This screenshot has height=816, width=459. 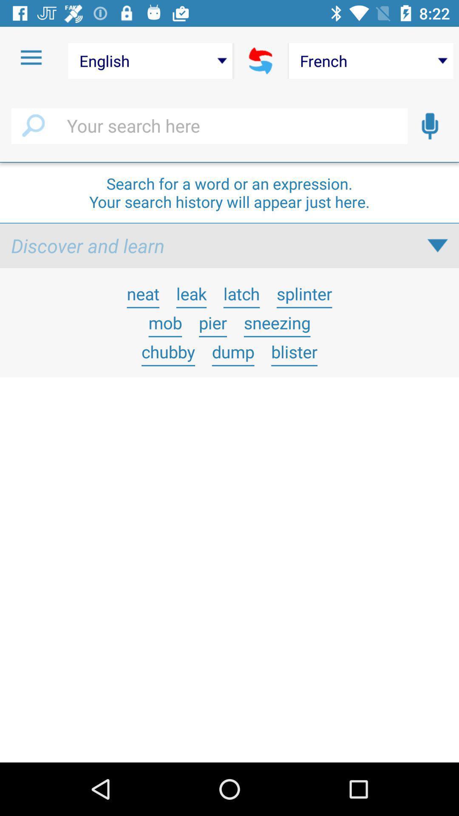 What do you see at coordinates (212, 322) in the screenshot?
I see `the icon above chubby icon` at bounding box center [212, 322].